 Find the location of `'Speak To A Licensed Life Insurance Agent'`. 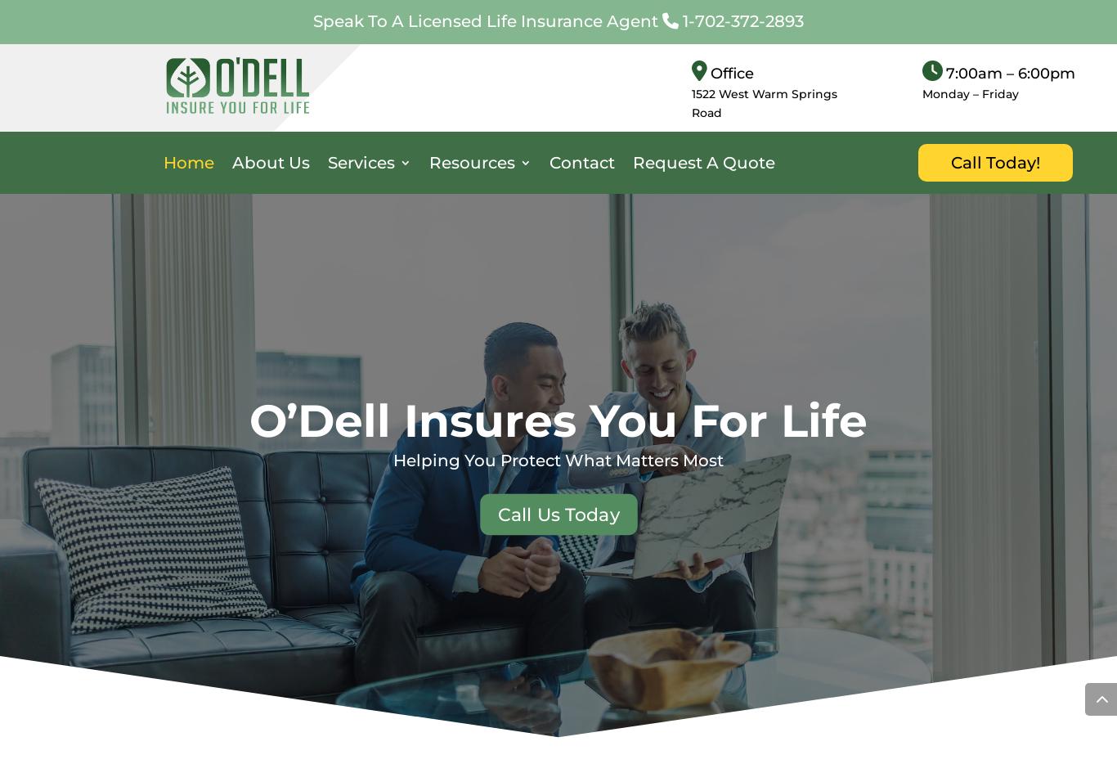

'Speak To A Licensed Life Insurance Agent' is located at coordinates (487, 20).